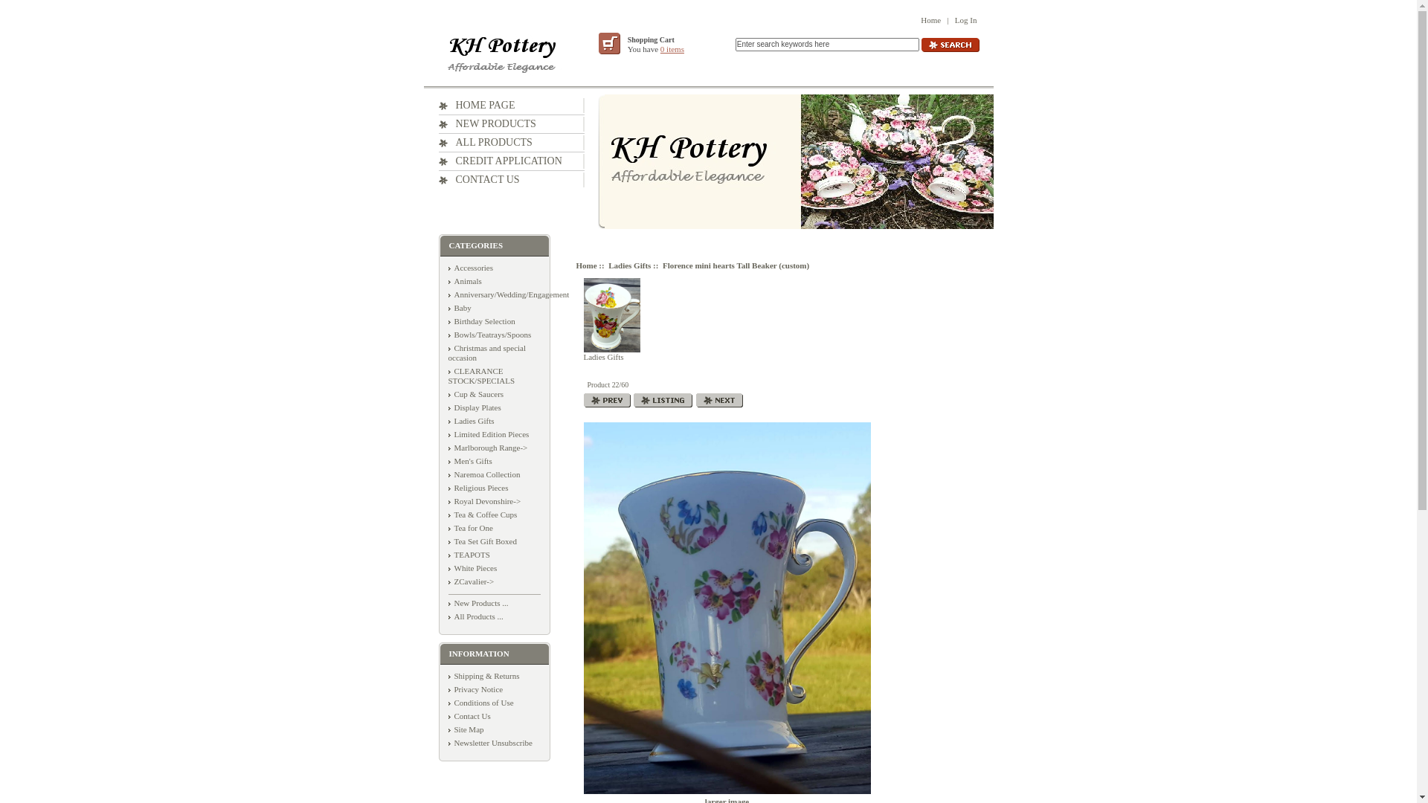  Describe the element at coordinates (446, 487) in the screenshot. I see `'Religious Pieces'` at that location.